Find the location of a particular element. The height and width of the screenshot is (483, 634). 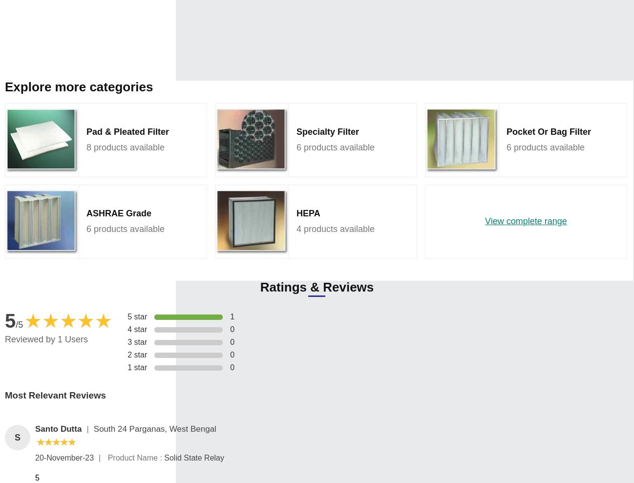

'3 star' is located at coordinates (137, 341).